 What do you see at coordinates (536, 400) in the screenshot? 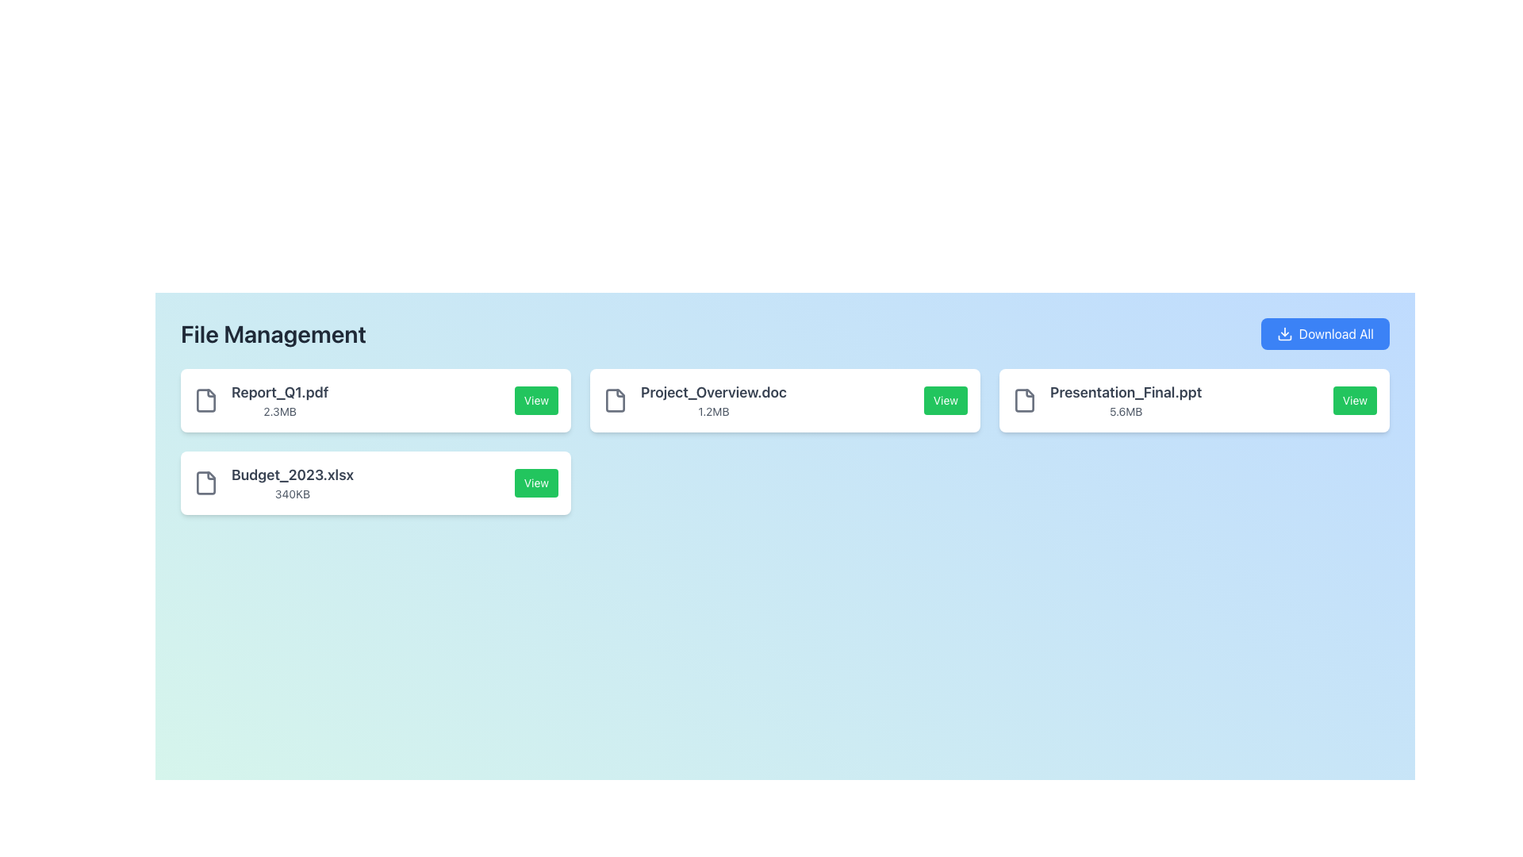
I see `the button that opens the file 'Report_Q1.pdf' to observe the visual feedback` at bounding box center [536, 400].